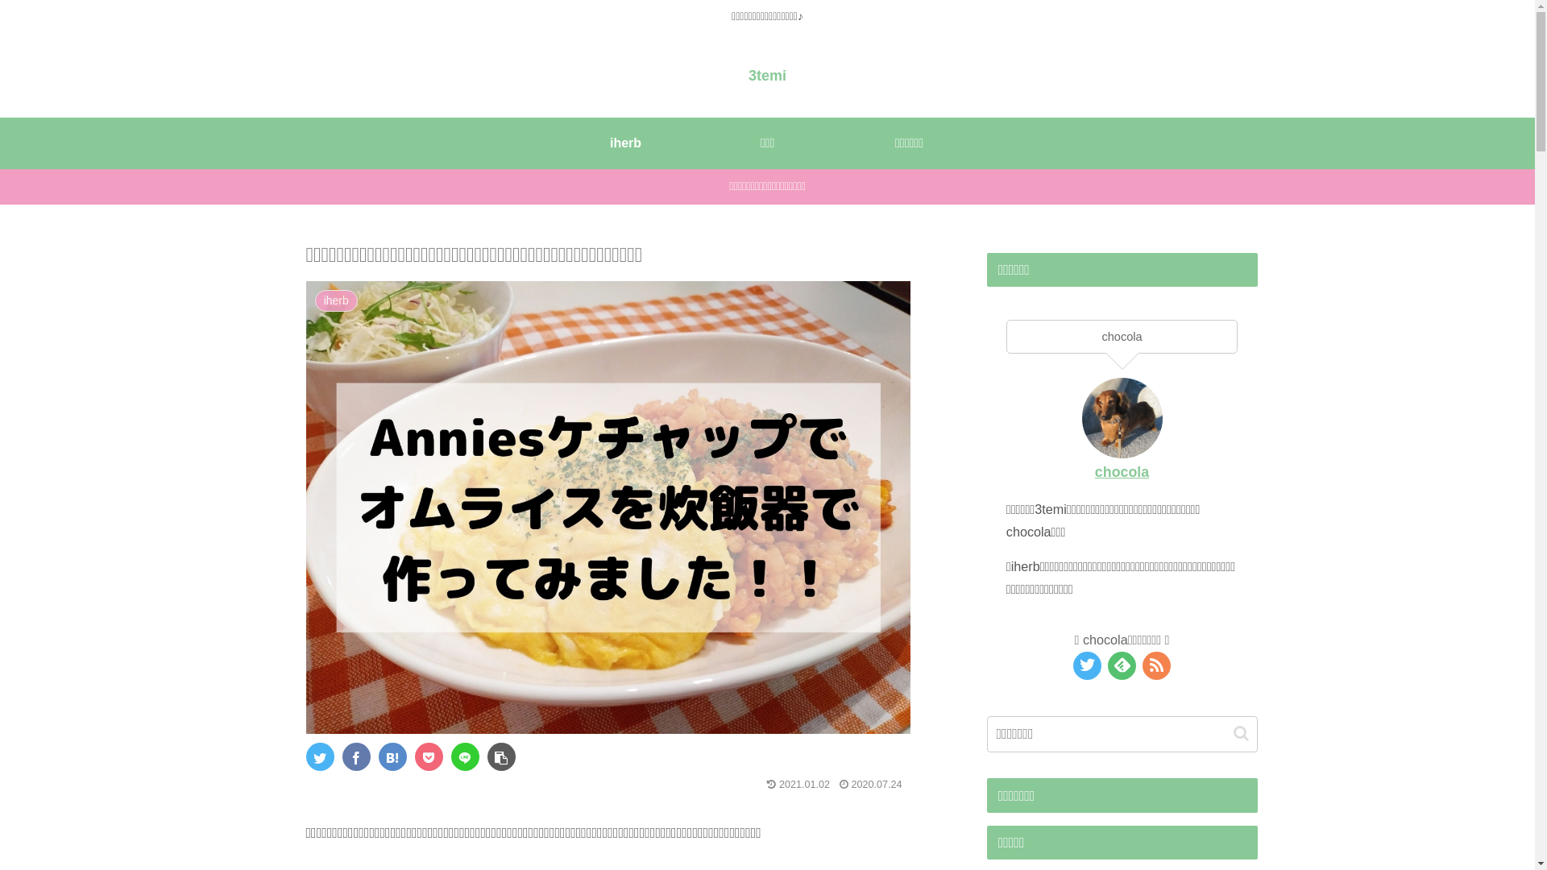  I want to click on 'iherb', so click(624, 142).